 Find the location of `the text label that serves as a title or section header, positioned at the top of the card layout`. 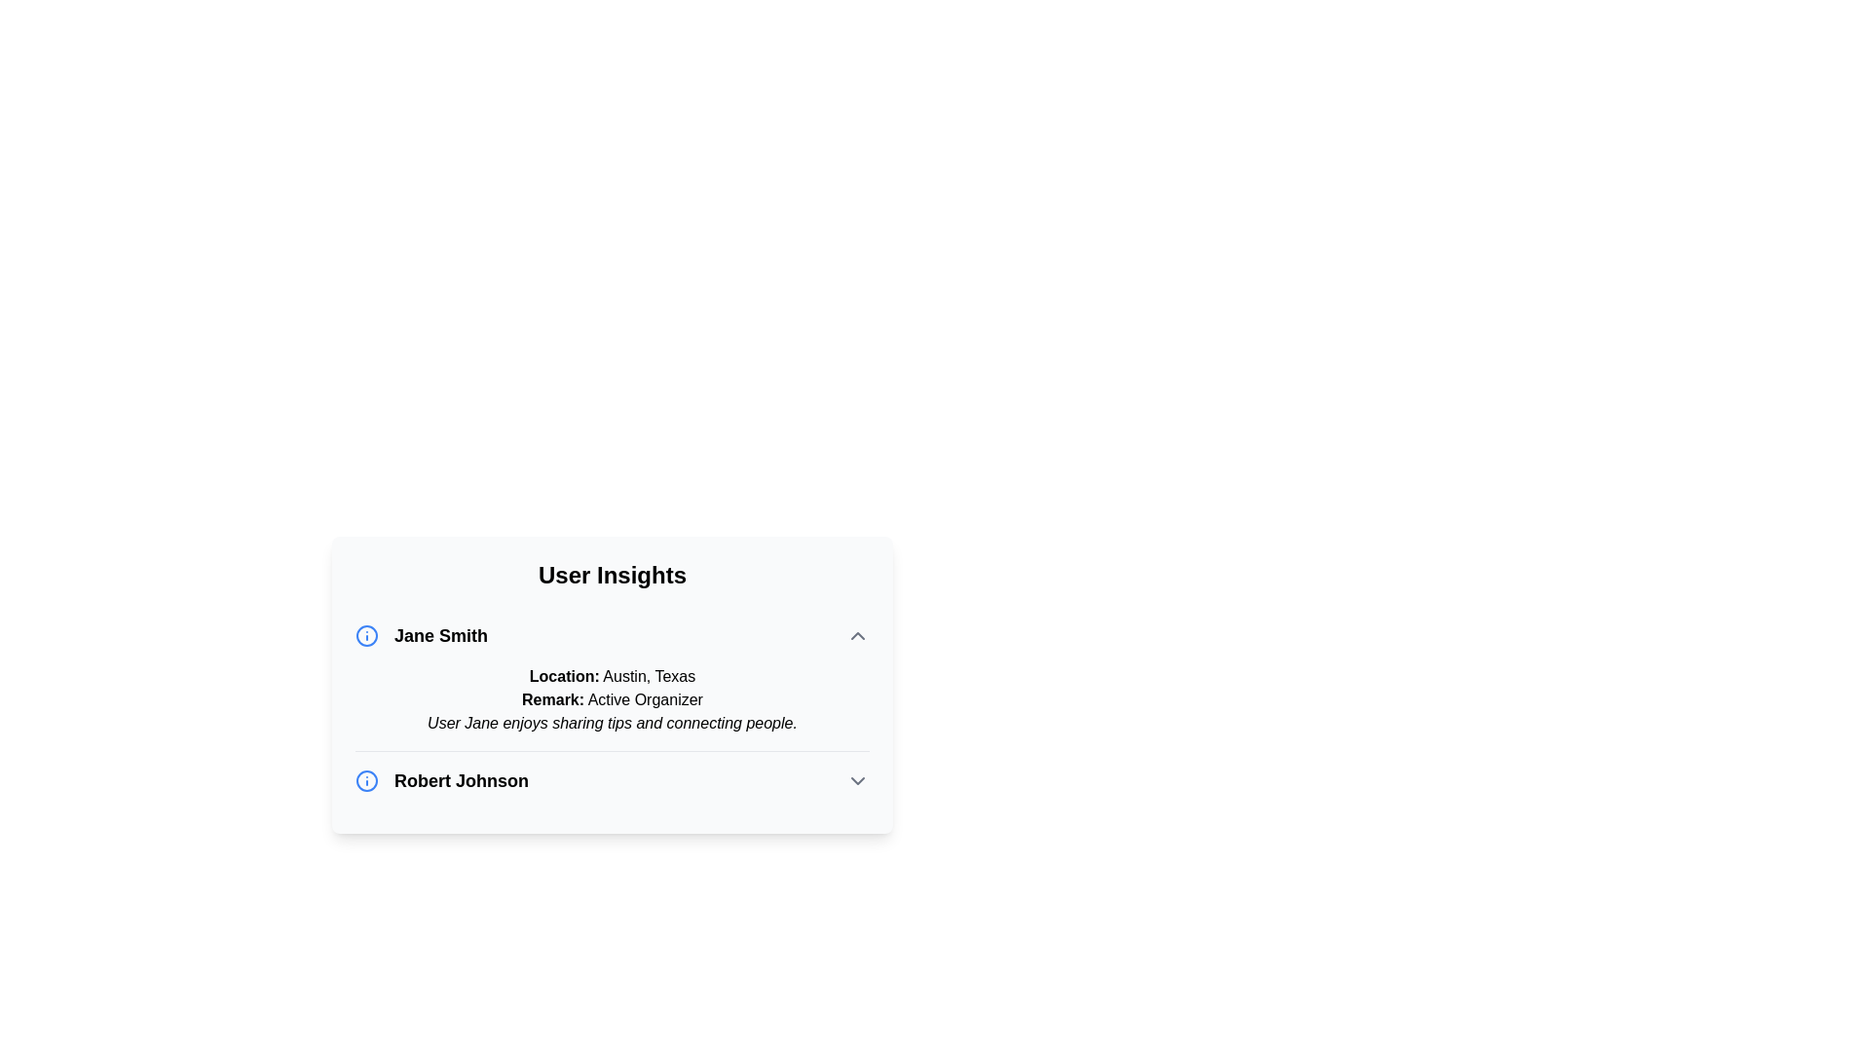

the text label that serves as a title or section header, positioned at the top of the card layout is located at coordinates (611, 574).